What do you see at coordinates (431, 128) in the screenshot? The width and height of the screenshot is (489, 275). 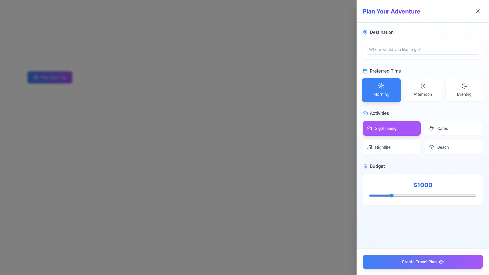 I see `the coffee cup icon, which is part of the button for selecting the 'Cafes' activity located under the 'Activities' section` at bounding box center [431, 128].